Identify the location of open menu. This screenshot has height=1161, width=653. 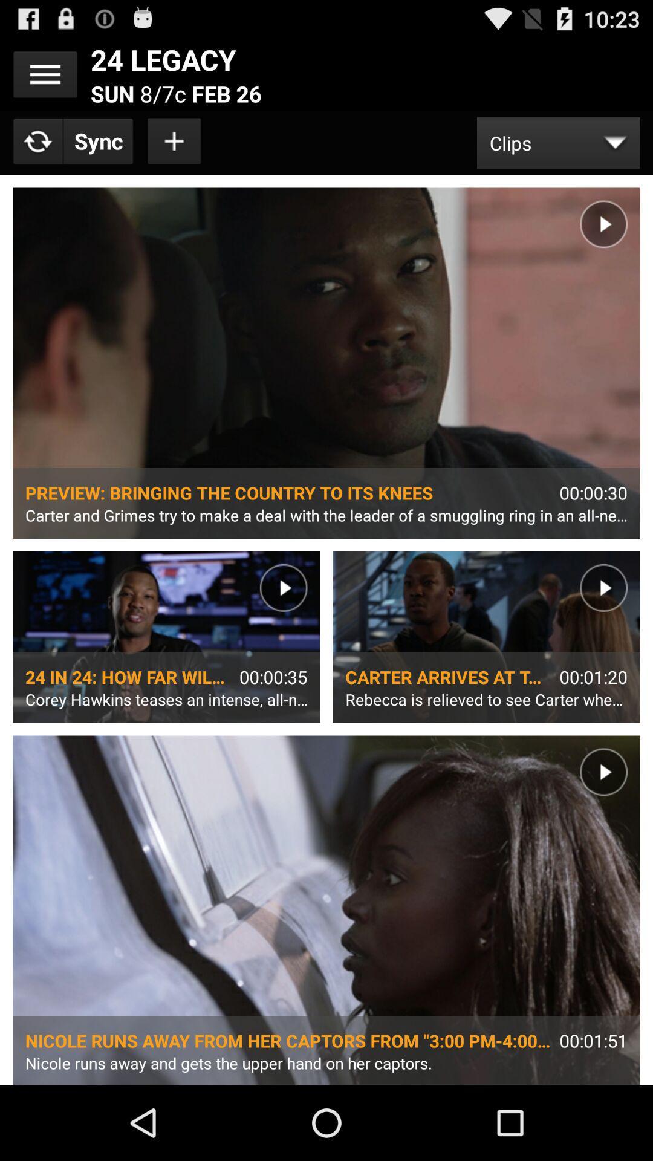
(44, 74).